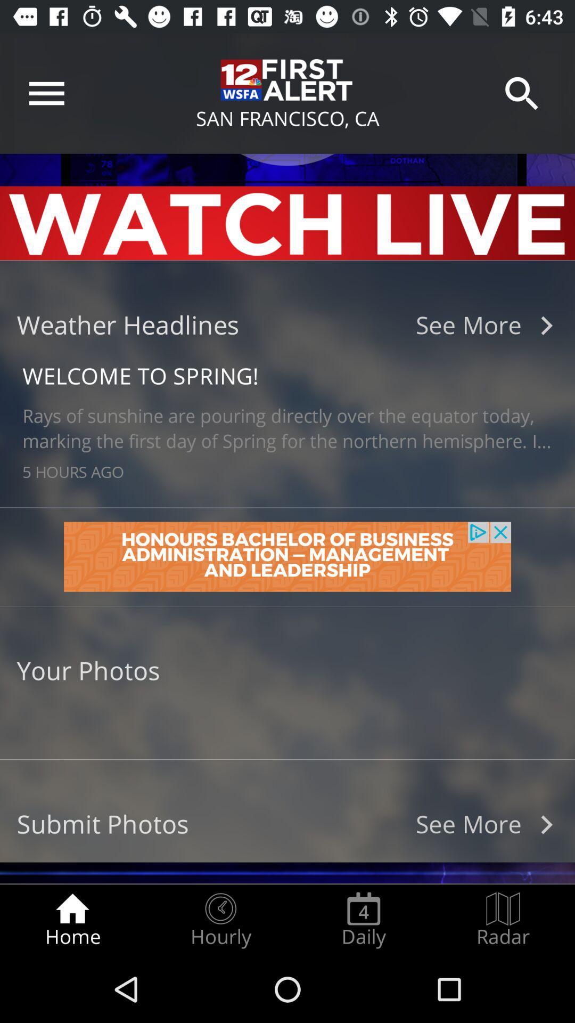 The image size is (575, 1023). I want to click on the item next to the home item, so click(220, 920).